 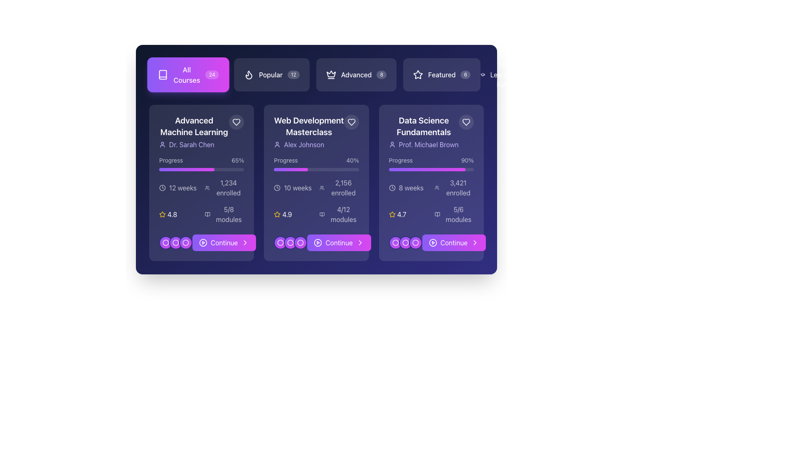 I want to click on the user profile represented, so click(x=424, y=144).